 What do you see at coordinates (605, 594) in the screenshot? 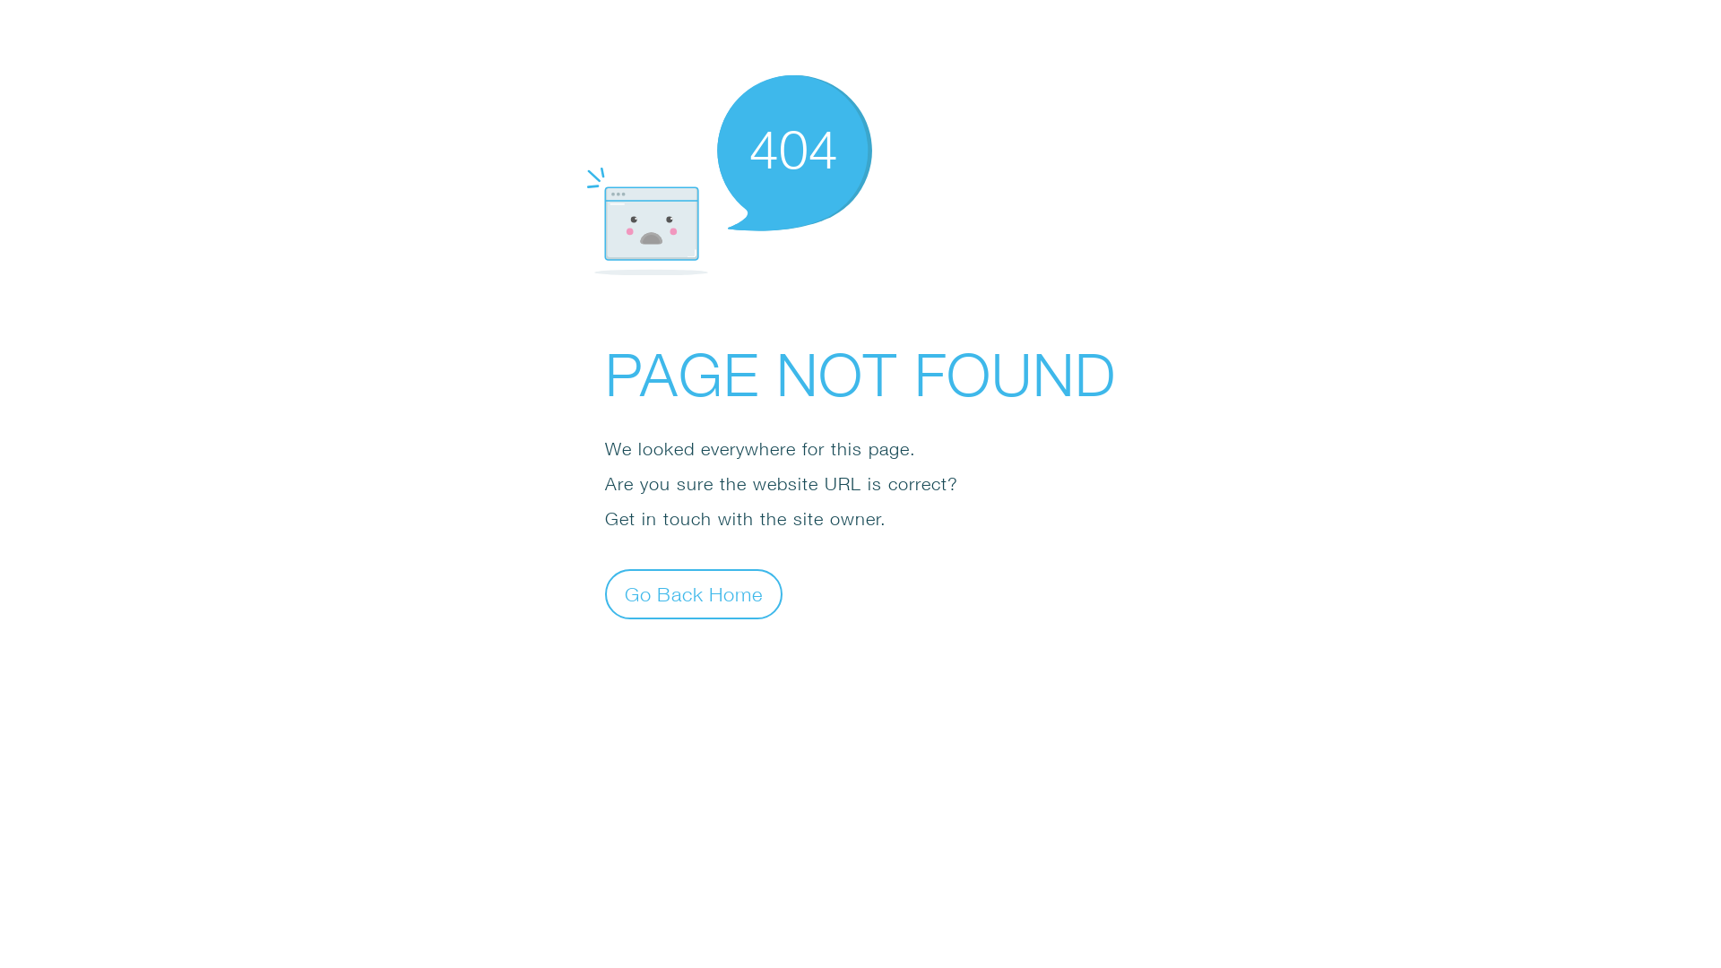
I see `'Go Back Home'` at bounding box center [605, 594].